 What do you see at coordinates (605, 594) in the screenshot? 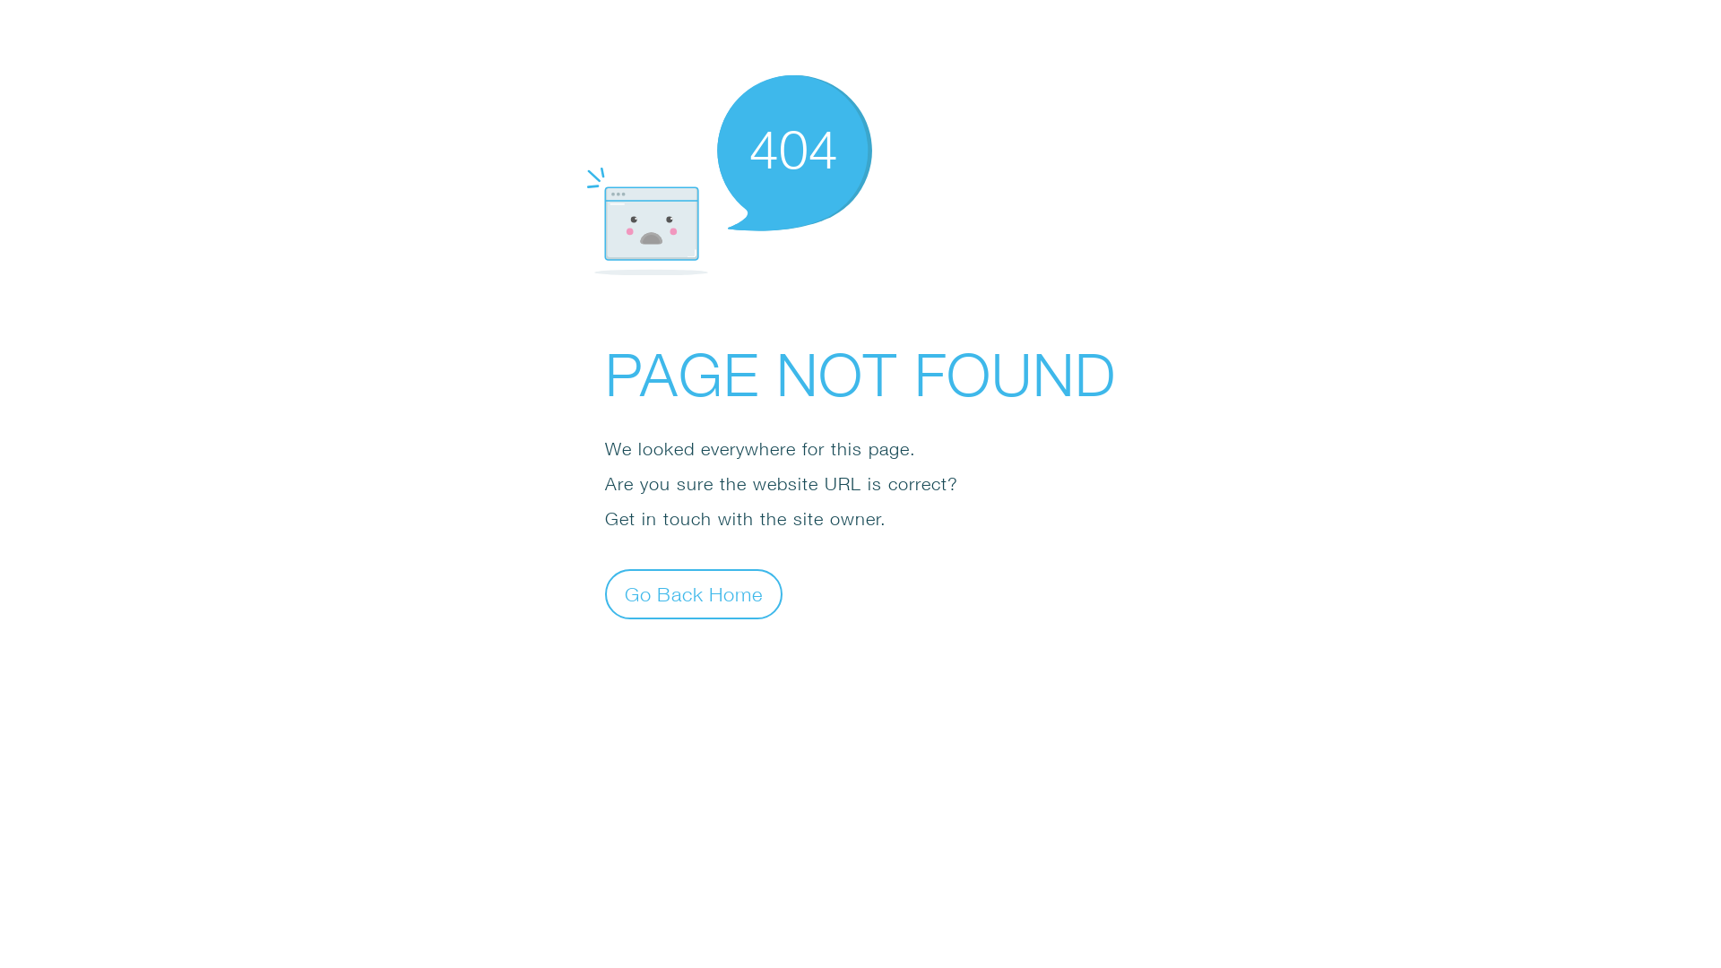
I see `'Go Back Home'` at bounding box center [605, 594].